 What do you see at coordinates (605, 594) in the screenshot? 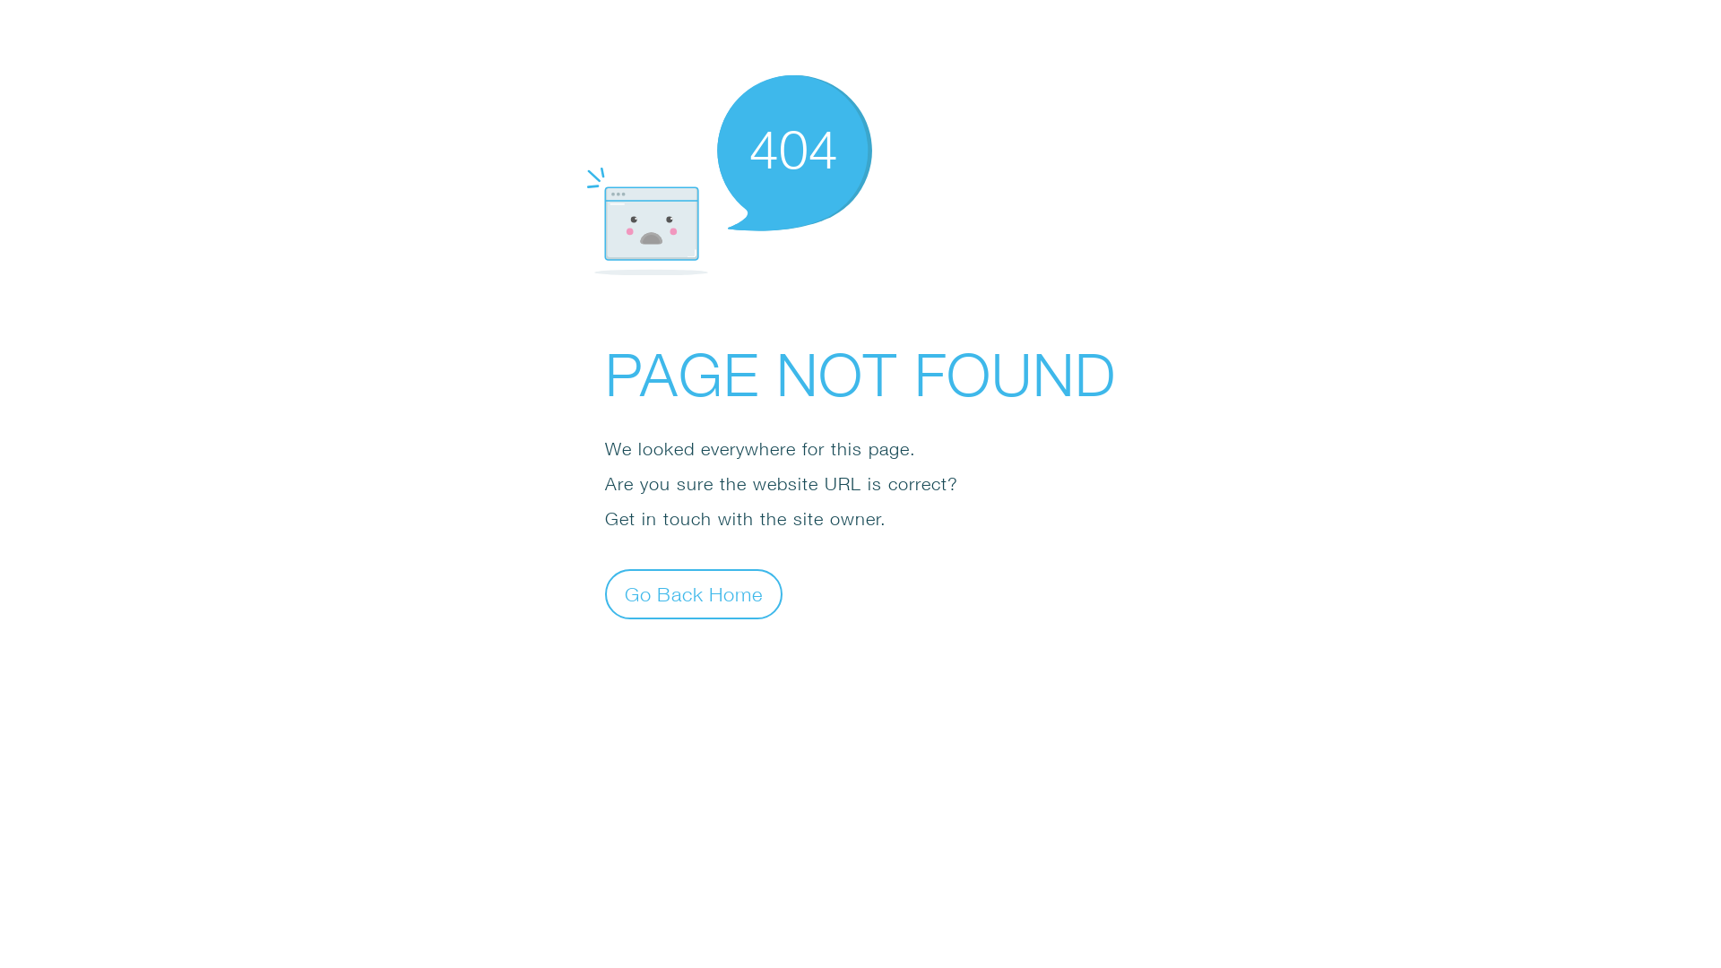
I see `'Go Back Home'` at bounding box center [605, 594].